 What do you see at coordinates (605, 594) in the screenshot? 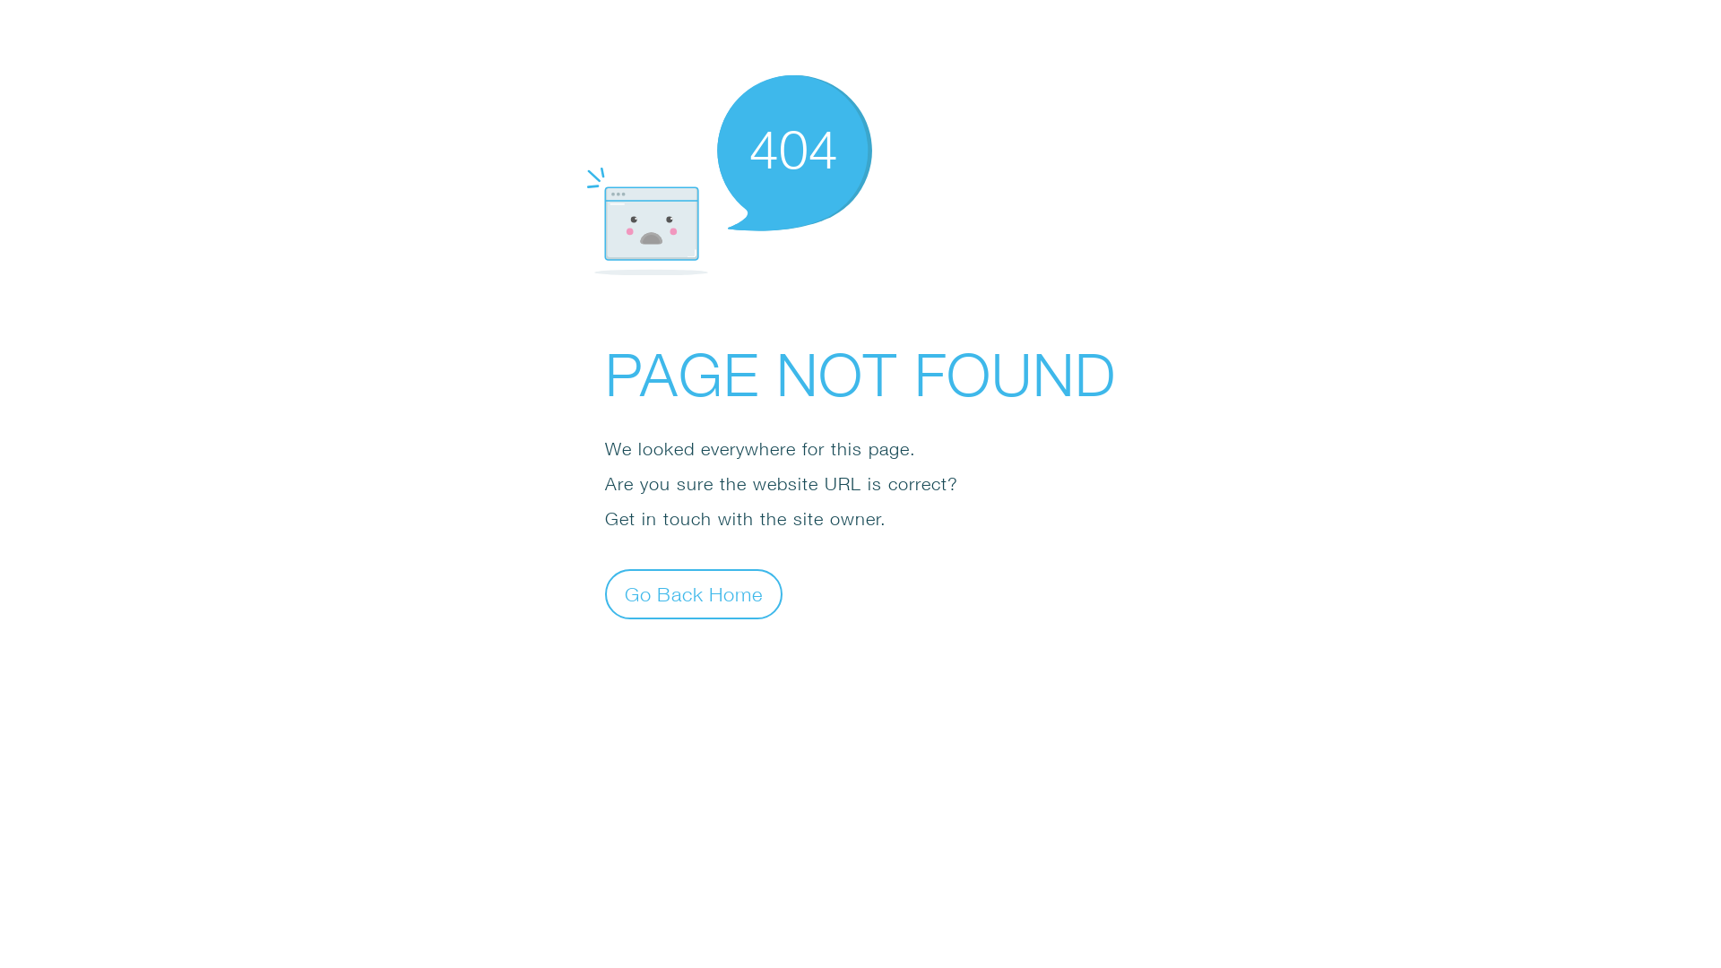
I see `'Go Back Home'` at bounding box center [605, 594].